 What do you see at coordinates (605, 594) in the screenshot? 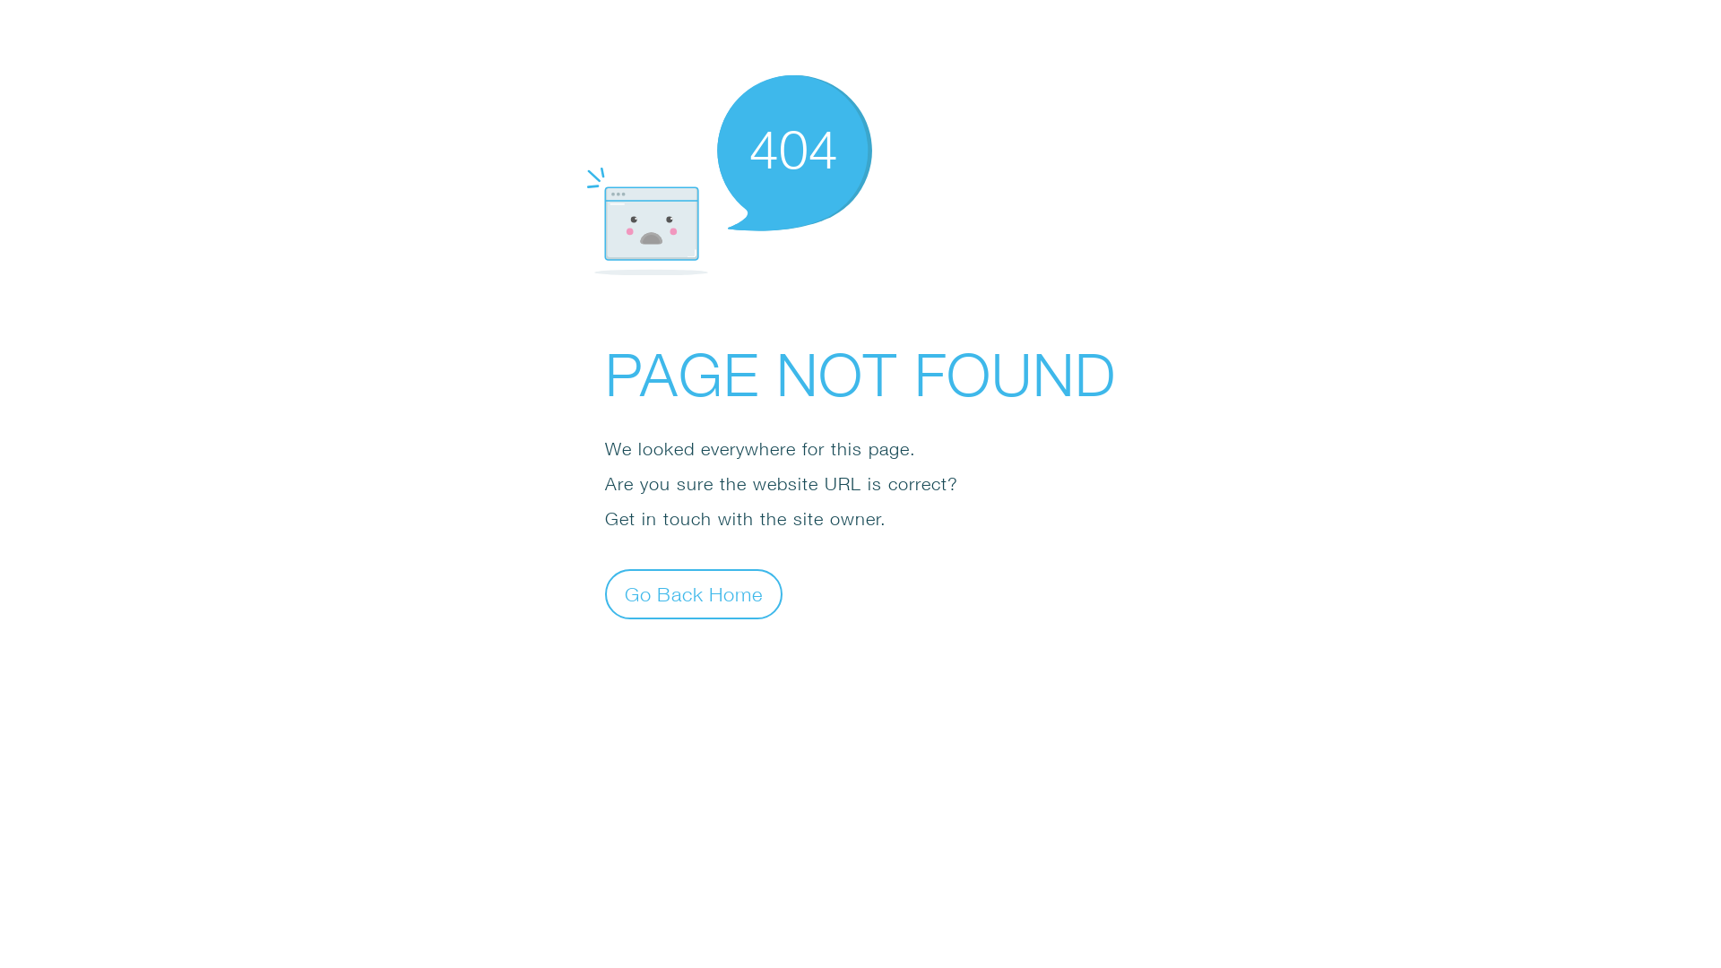
I see `'Go Back Home'` at bounding box center [605, 594].